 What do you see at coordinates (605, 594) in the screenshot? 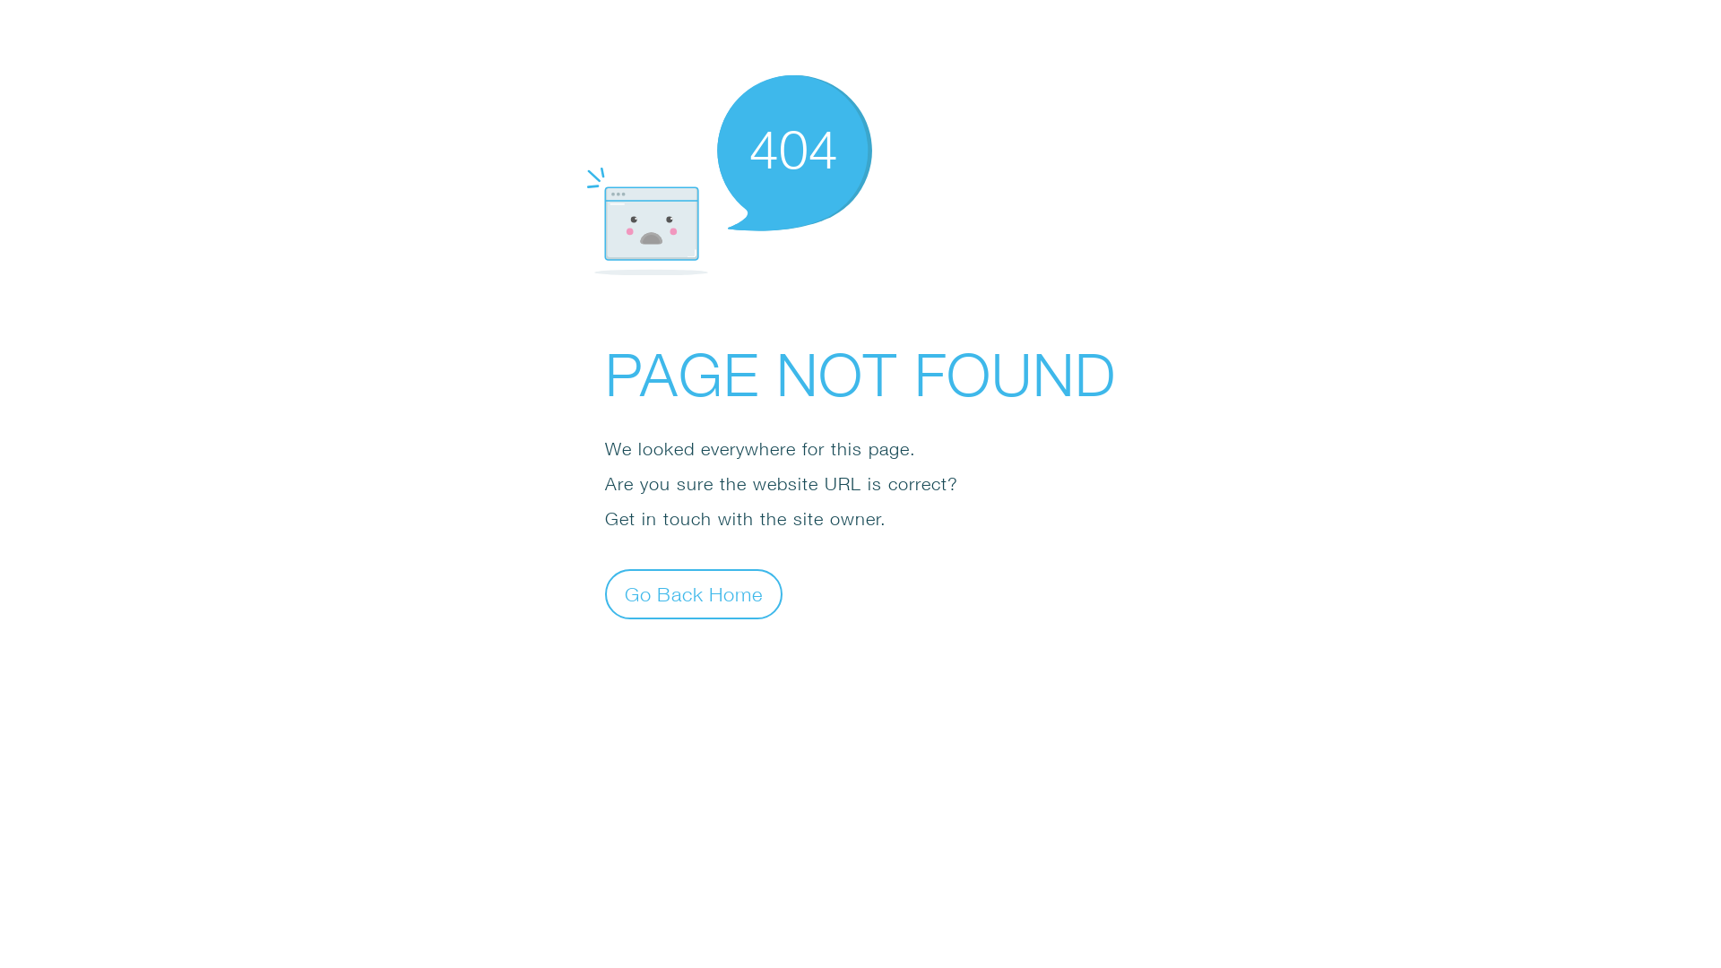
I see `'Go Back Home'` at bounding box center [605, 594].